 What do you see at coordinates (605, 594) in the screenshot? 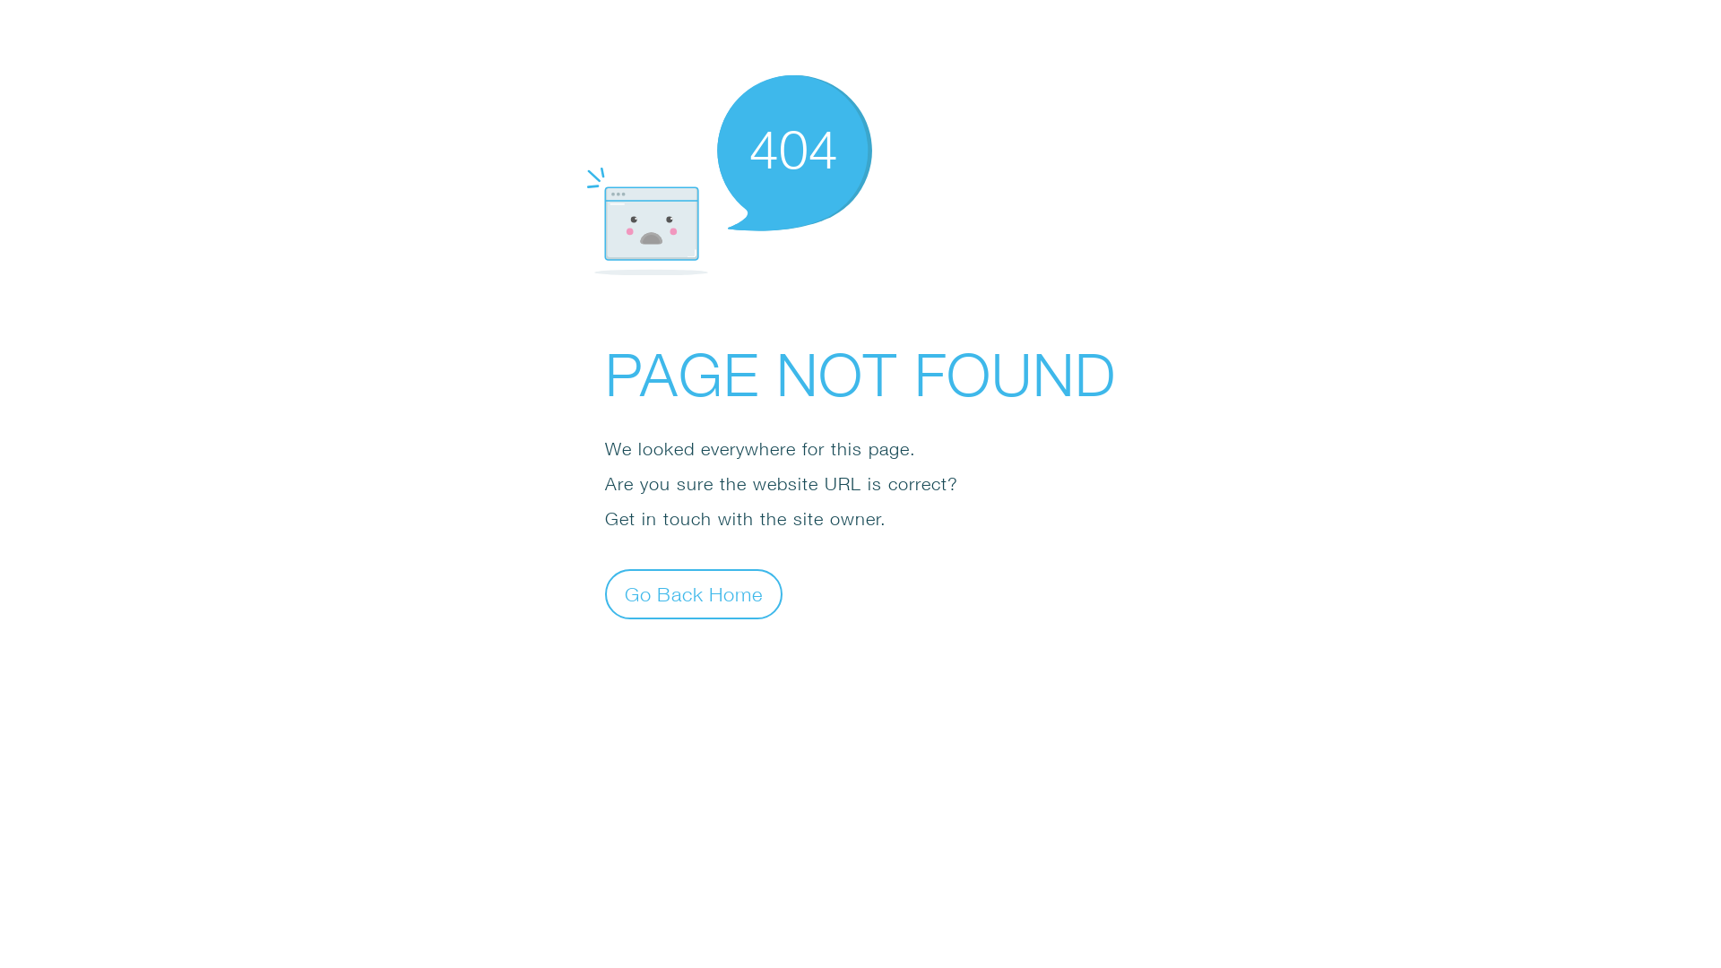
I see `'Go Back Home'` at bounding box center [605, 594].